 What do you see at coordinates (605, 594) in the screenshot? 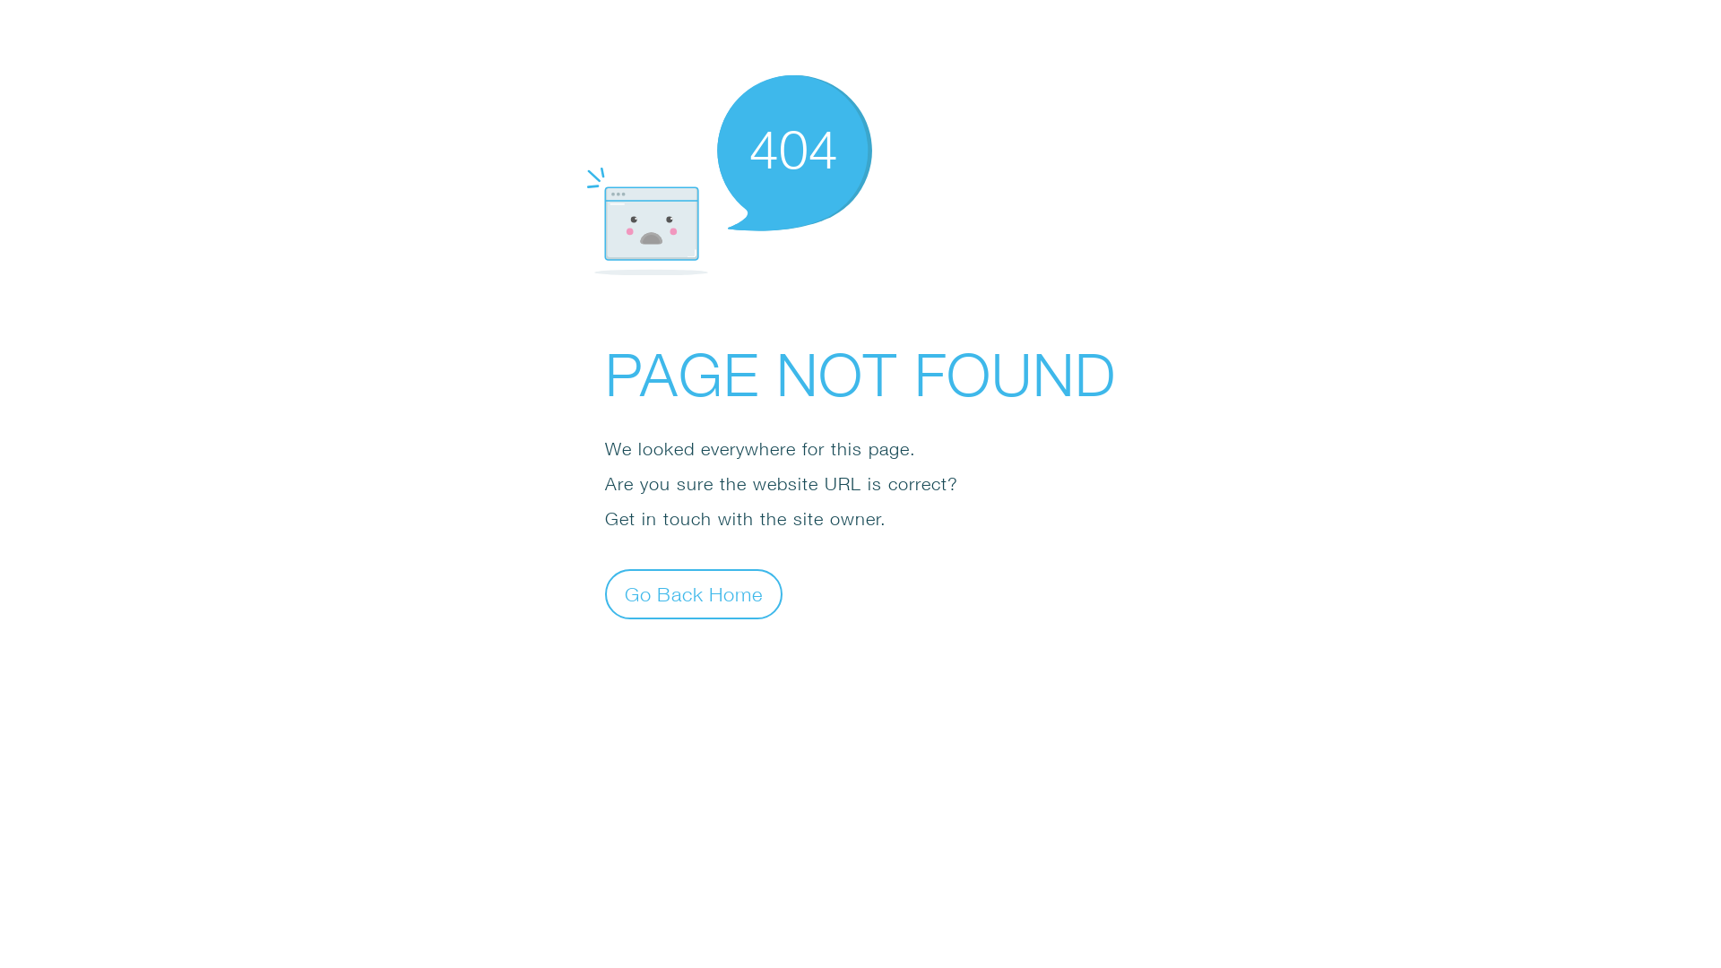
I see `'Go Back Home'` at bounding box center [605, 594].